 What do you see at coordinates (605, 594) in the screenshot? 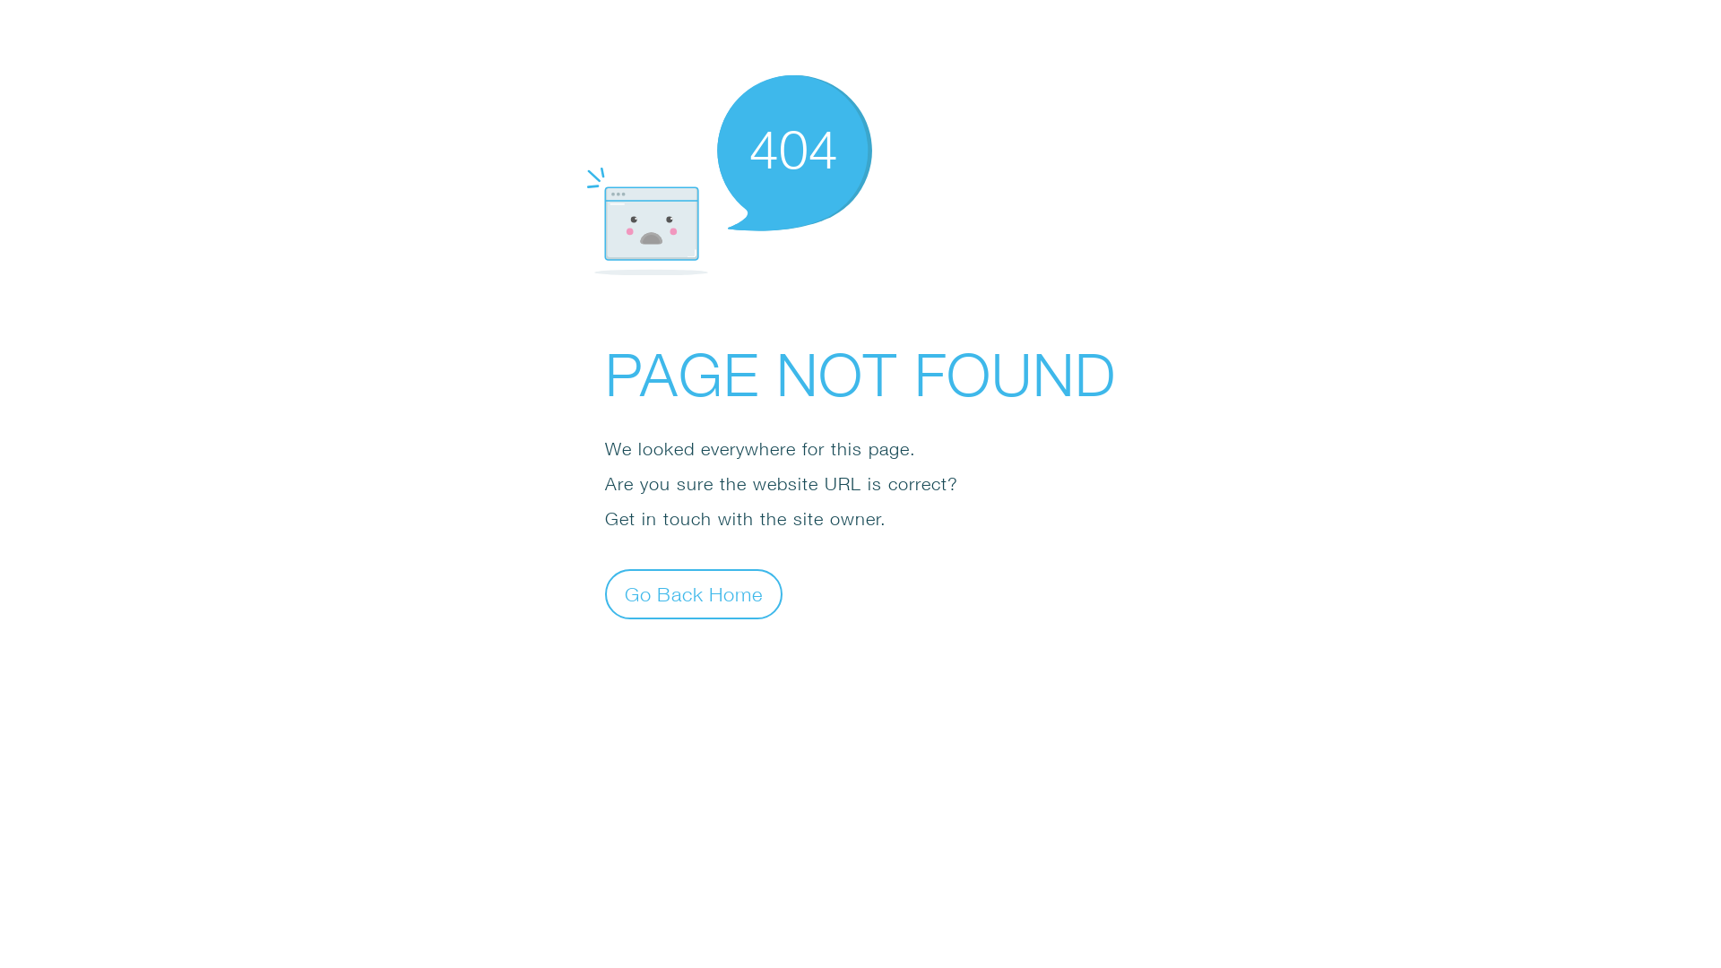
I see `'Go Back Home'` at bounding box center [605, 594].